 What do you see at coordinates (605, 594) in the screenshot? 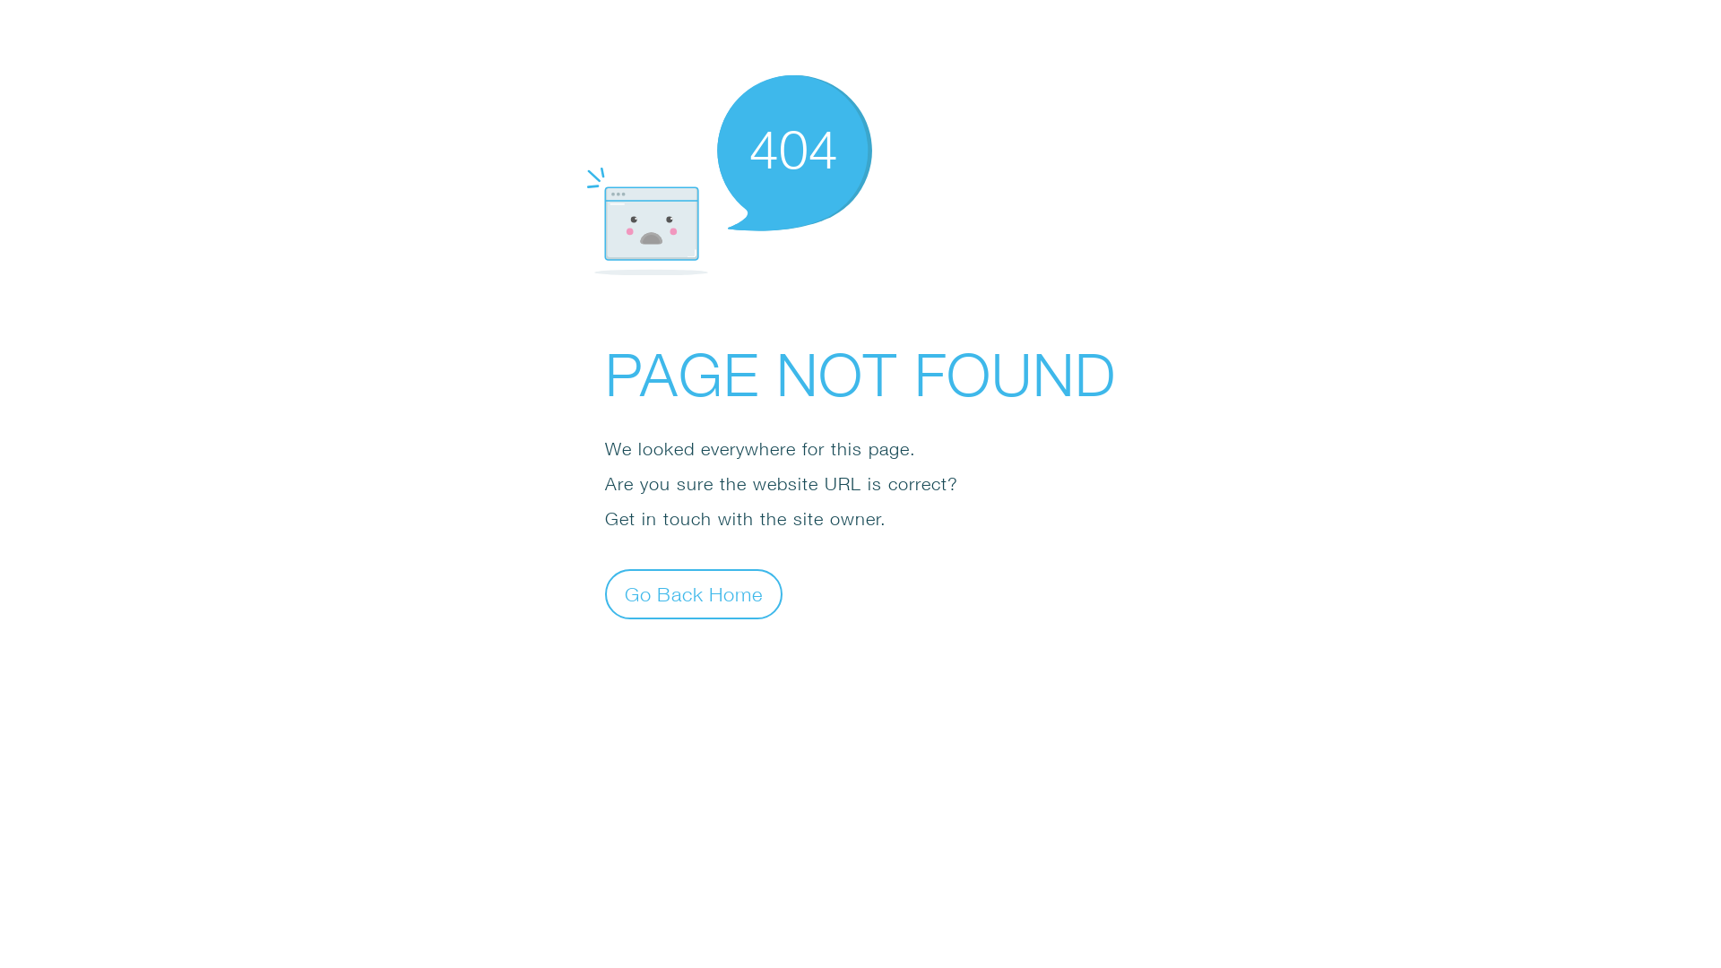
I see `'Go Back Home'` at bounding box center [605, 594].